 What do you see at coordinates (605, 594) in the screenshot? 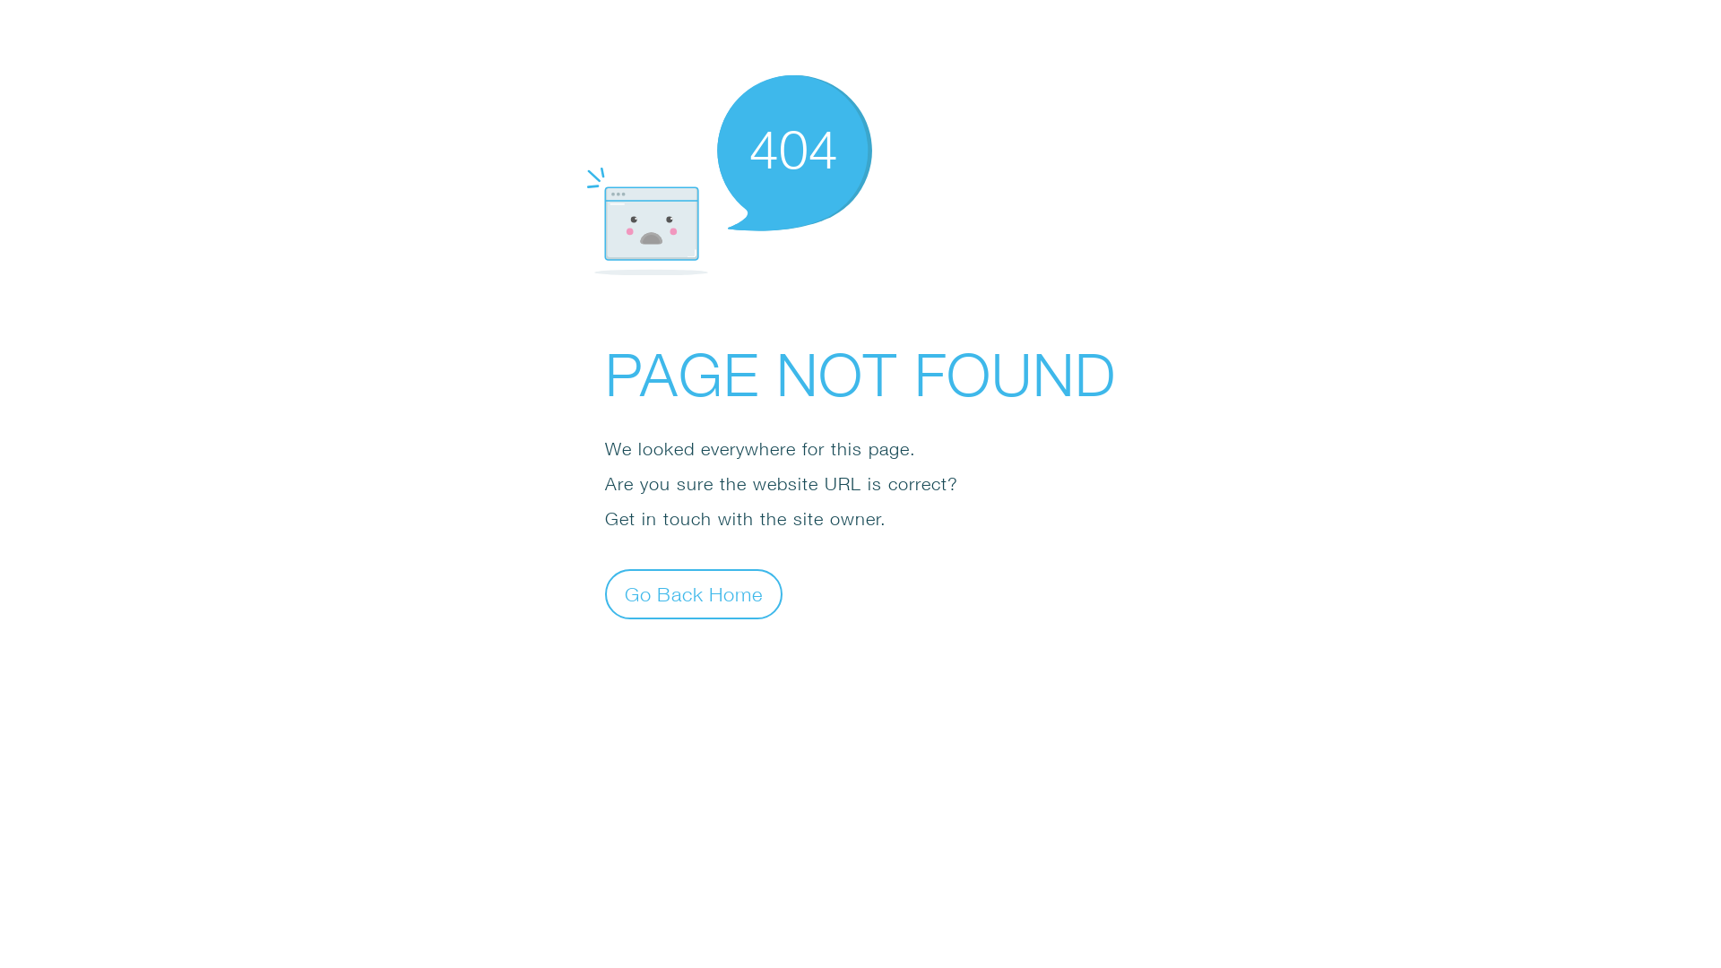
I see `'Go Back Home'` at bounding box center [605, 594].